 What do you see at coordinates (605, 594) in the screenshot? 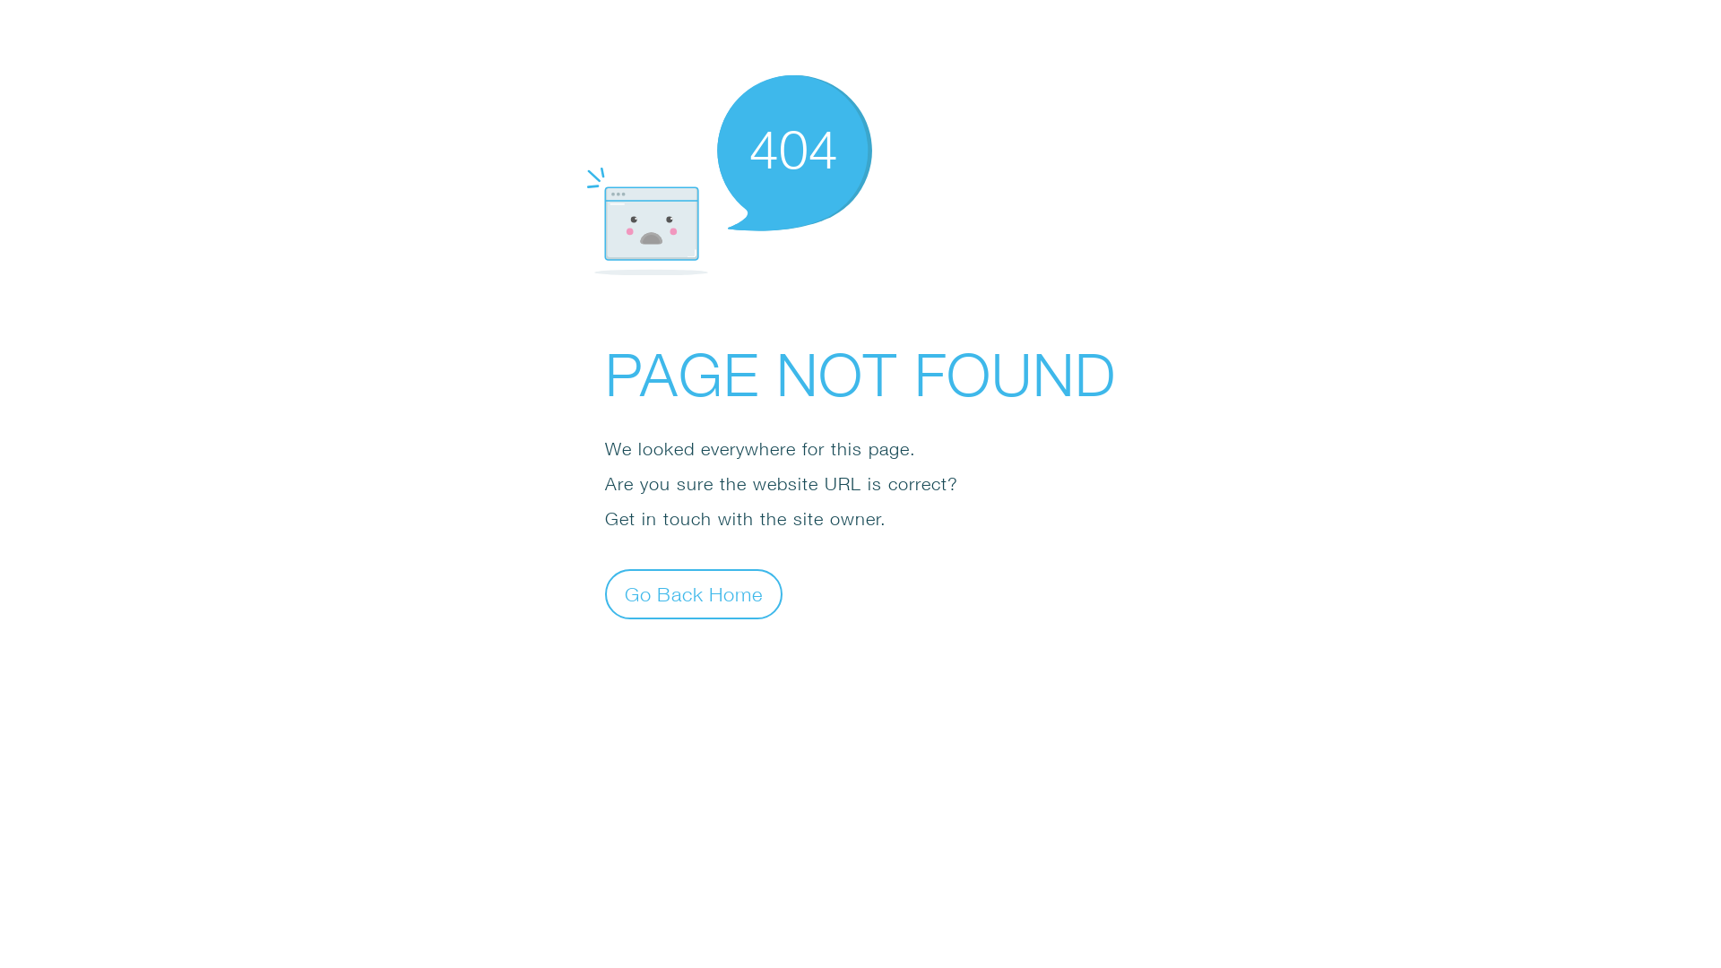
I see `'Go Back Home'` at bounding box center [605, 594].